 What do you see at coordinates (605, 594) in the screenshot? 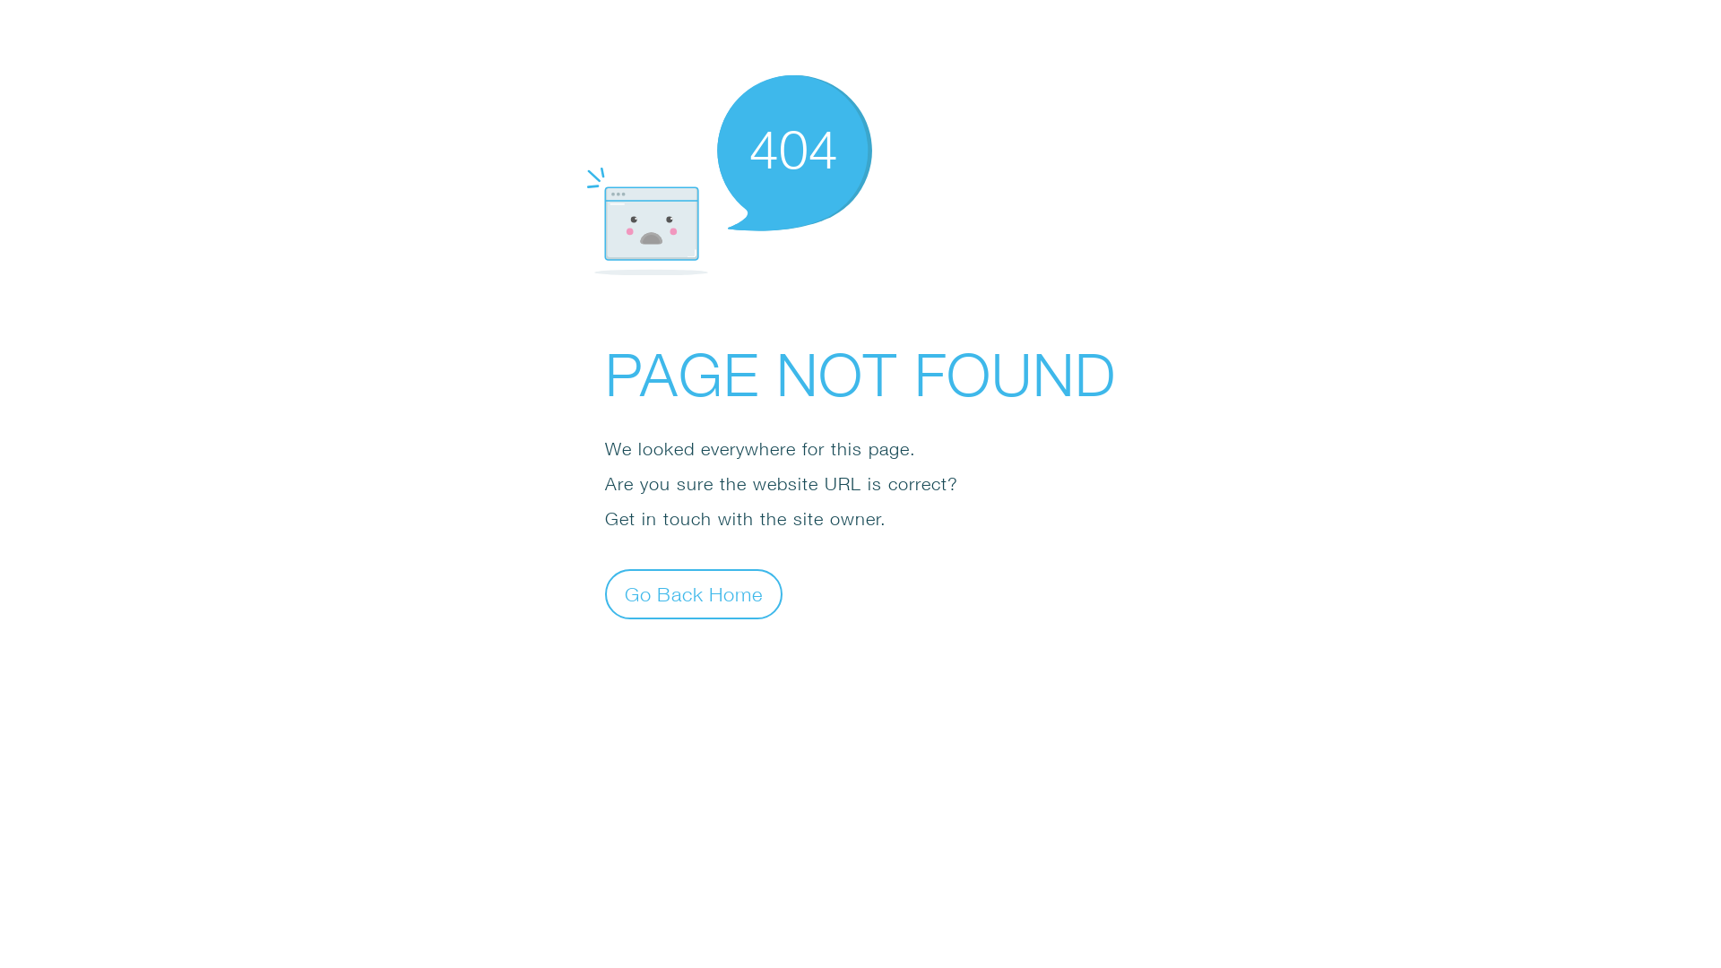
I see `'Go Back Home'` at bounding box center [605, 594].